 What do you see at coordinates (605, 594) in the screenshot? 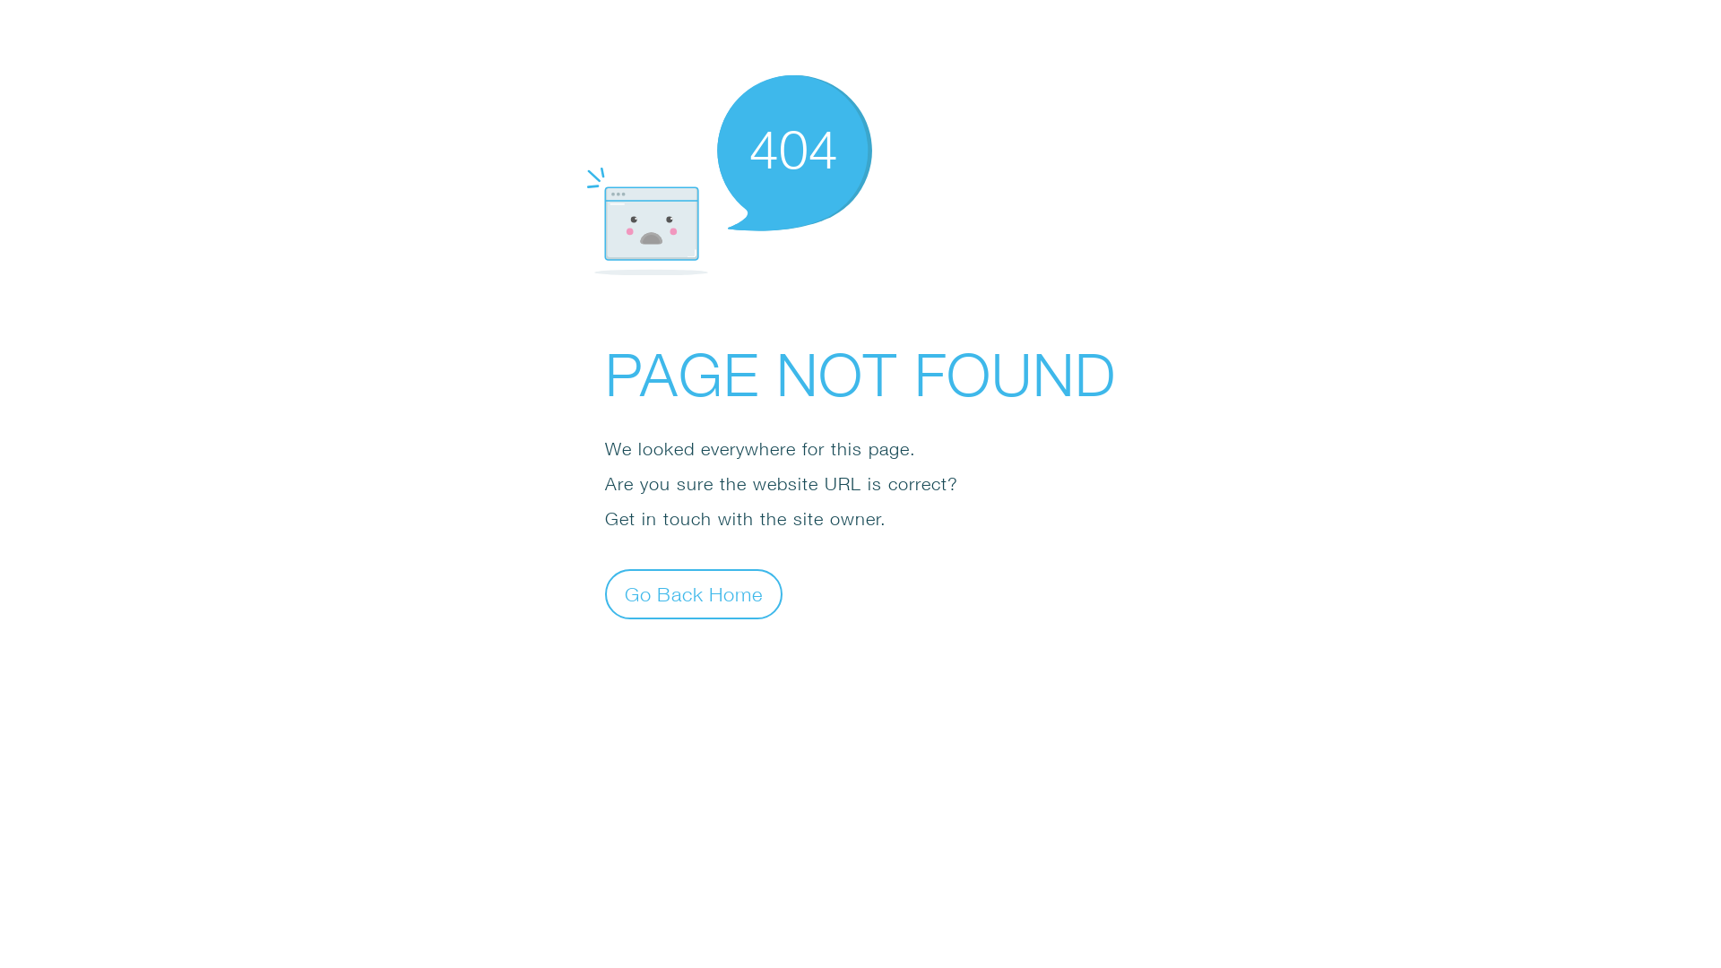
I see `'Go Back Home'` at bounding box center [605, 594].